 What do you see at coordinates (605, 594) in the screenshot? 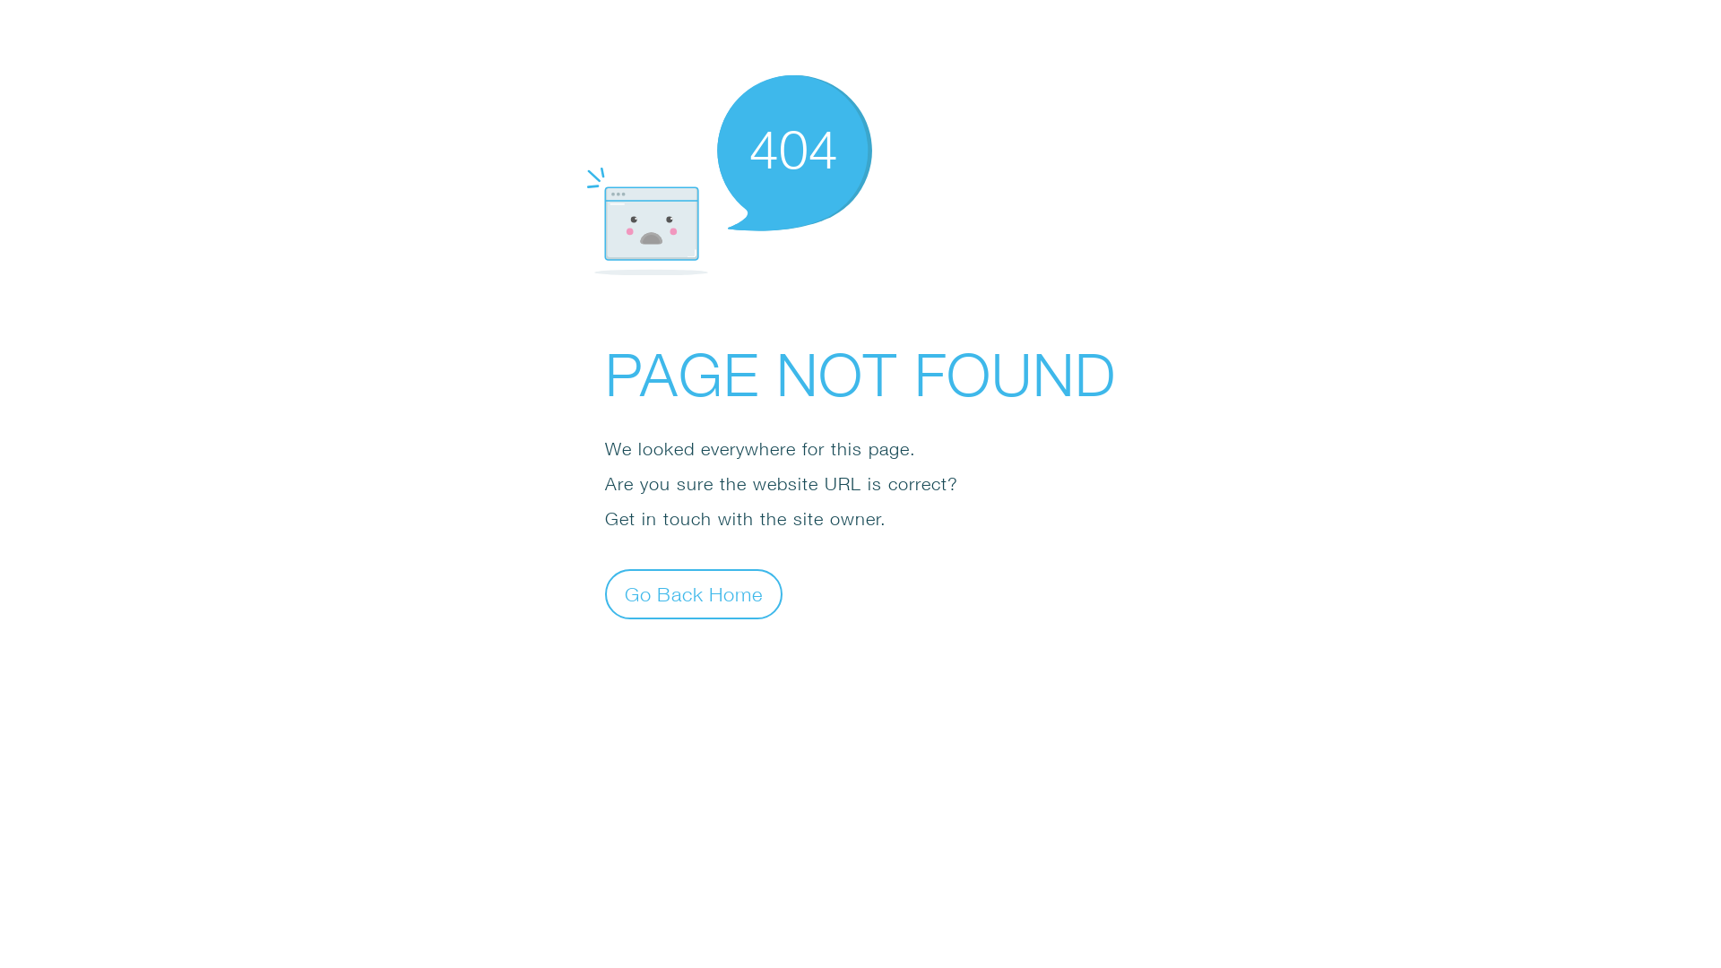
I see `'Go Back Home'` at bounding box center [605, 594].